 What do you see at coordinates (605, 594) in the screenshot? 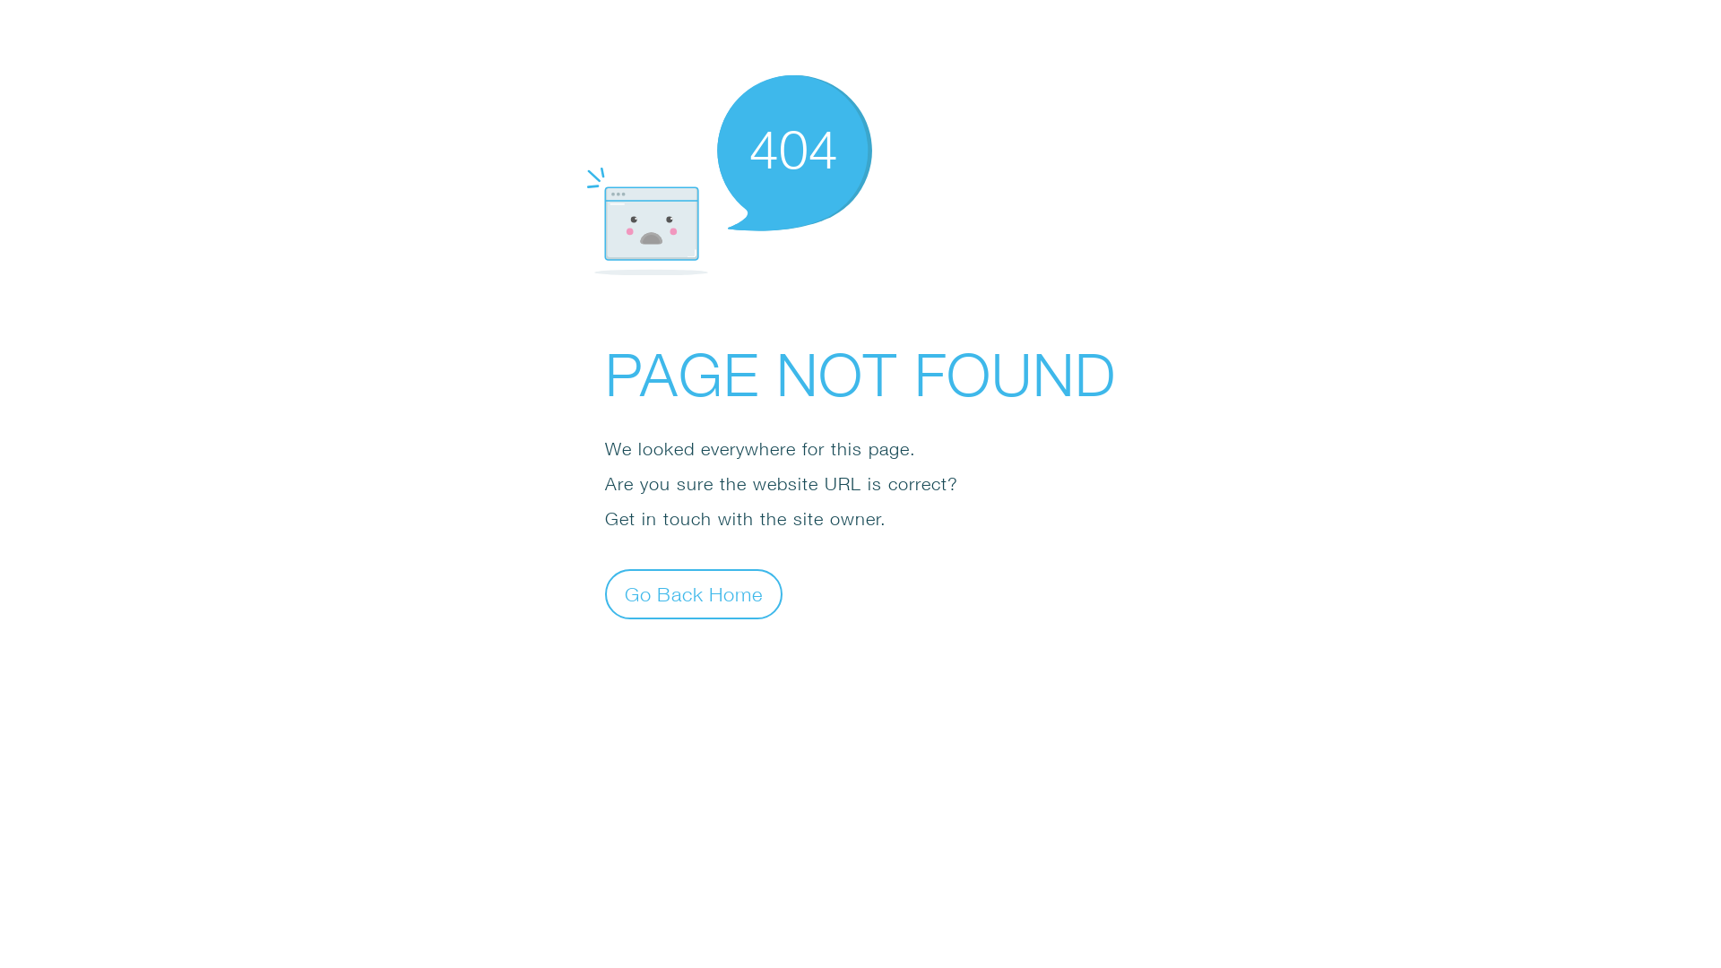
I see `'Go Back Home'` at bounding box center [605, 594].